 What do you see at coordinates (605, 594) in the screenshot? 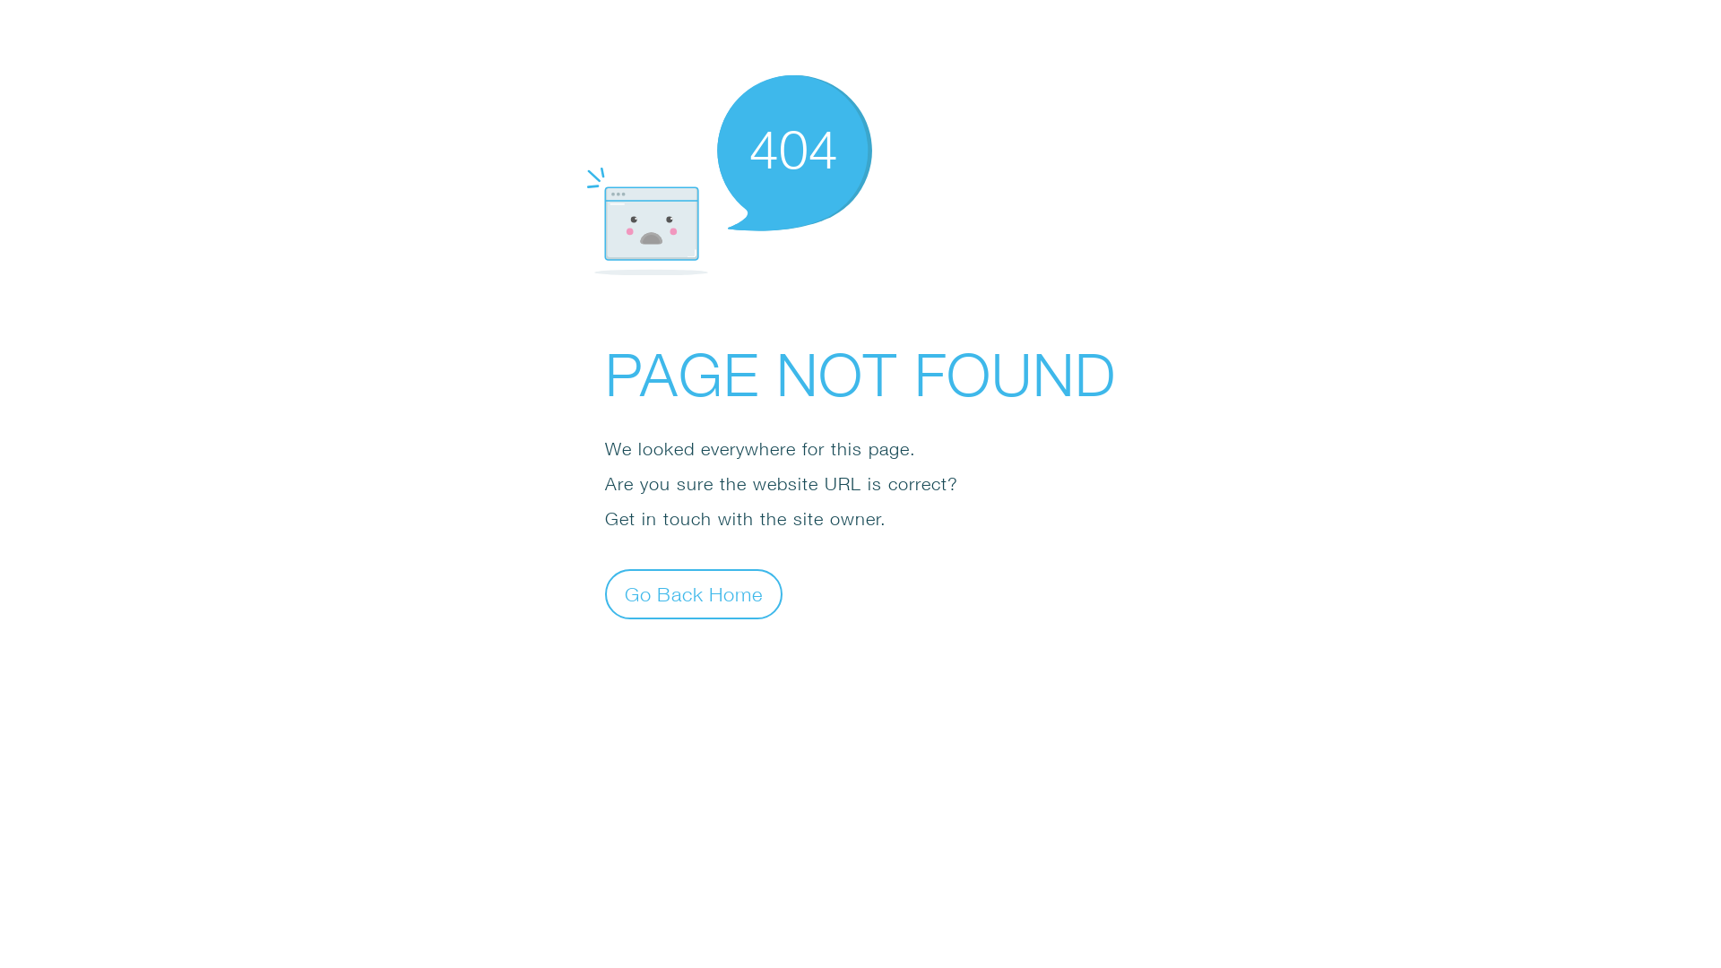
I see `'Go Back Home'` at bounding box center [605, 594].